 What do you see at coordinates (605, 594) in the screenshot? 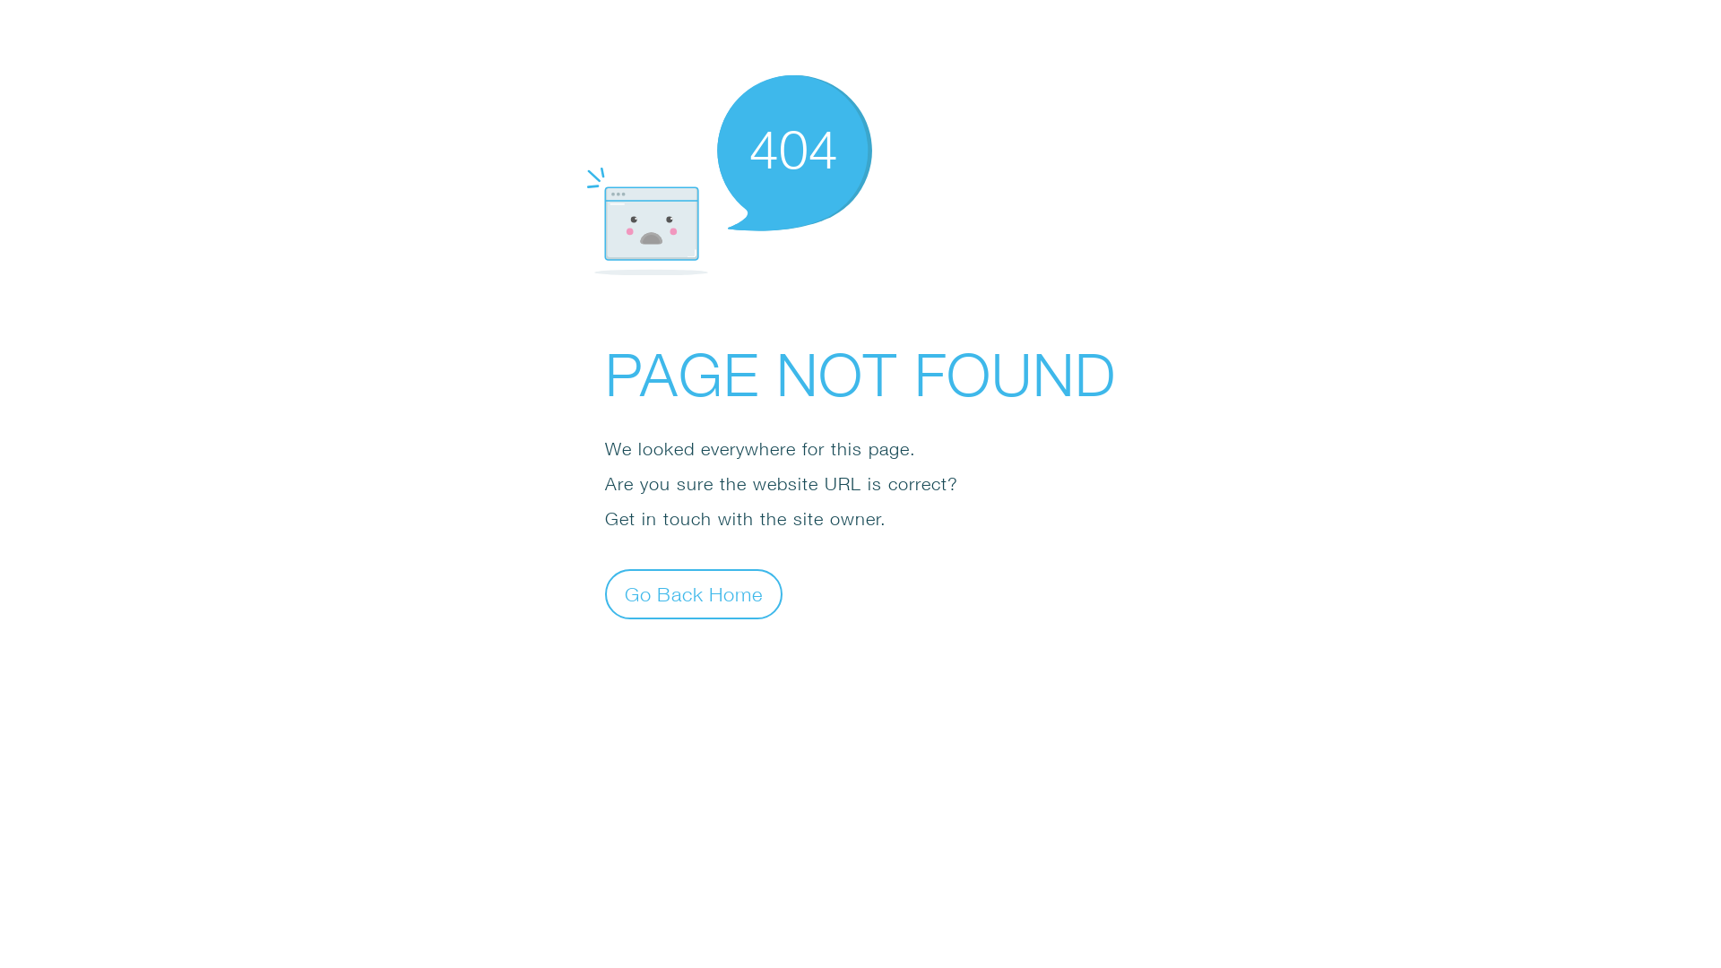
I see `'Go Back Home'` at bounding box center [605, 594].